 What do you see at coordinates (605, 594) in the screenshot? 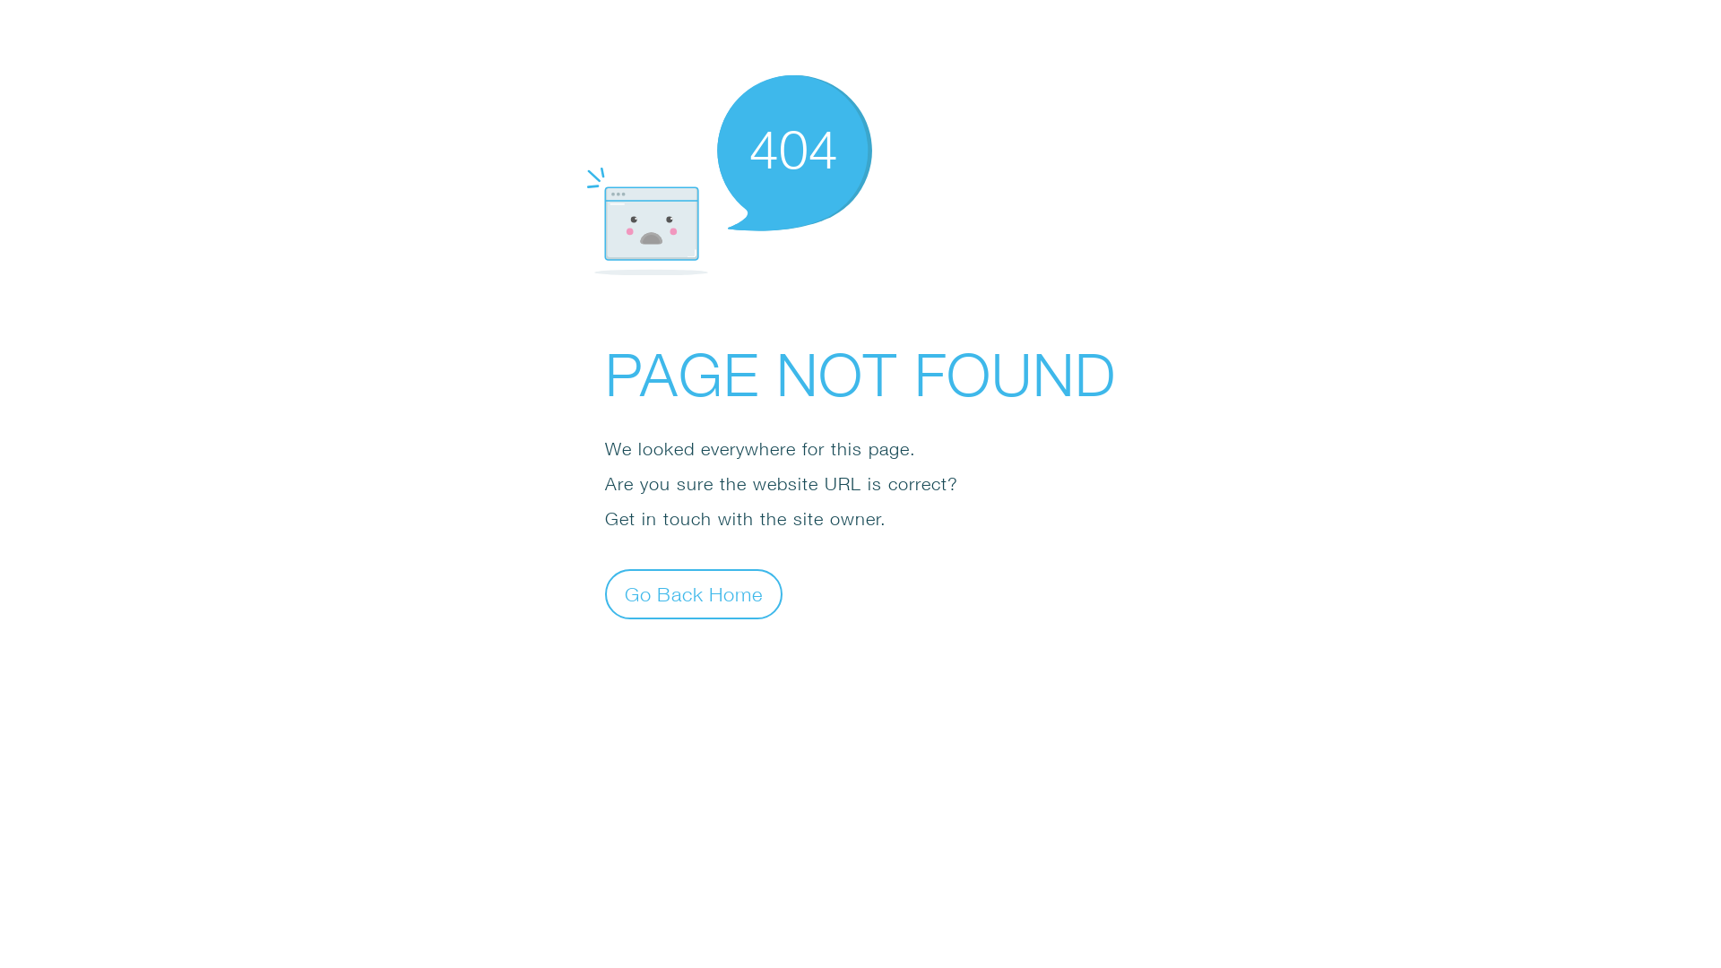
I see `'Go Back Home'` at bounding box center [605, 594].